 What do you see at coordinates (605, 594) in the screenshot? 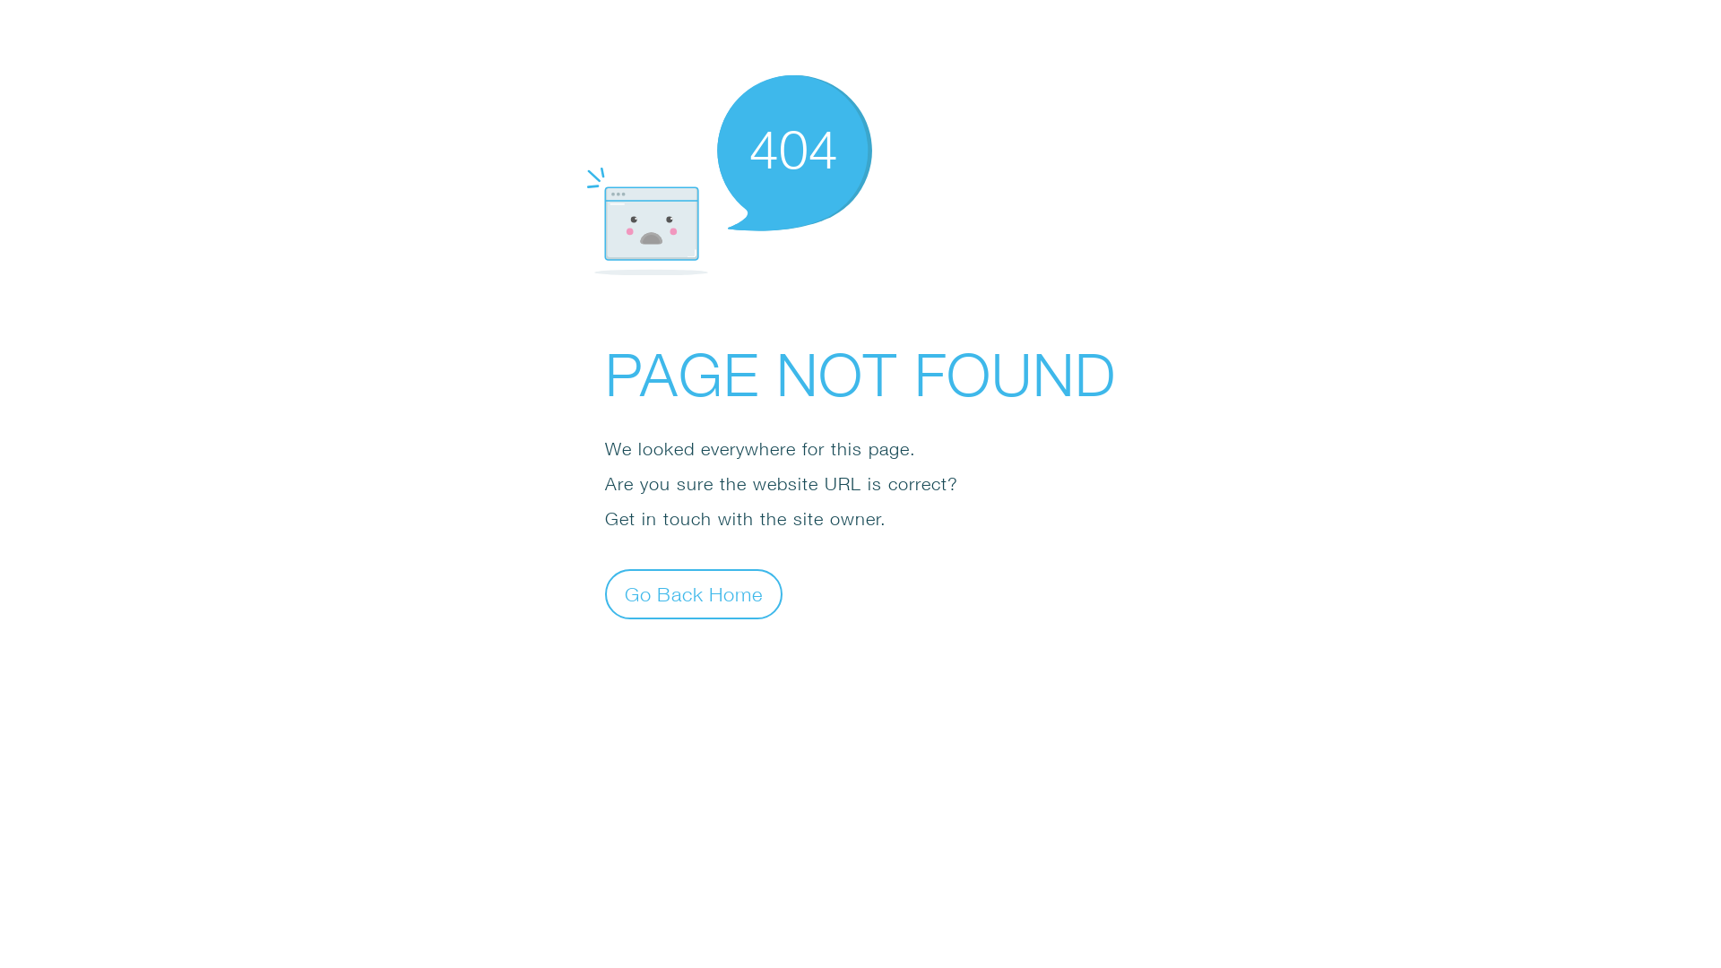
I see `'Go Back Home'` at bounding box center [605, 594].